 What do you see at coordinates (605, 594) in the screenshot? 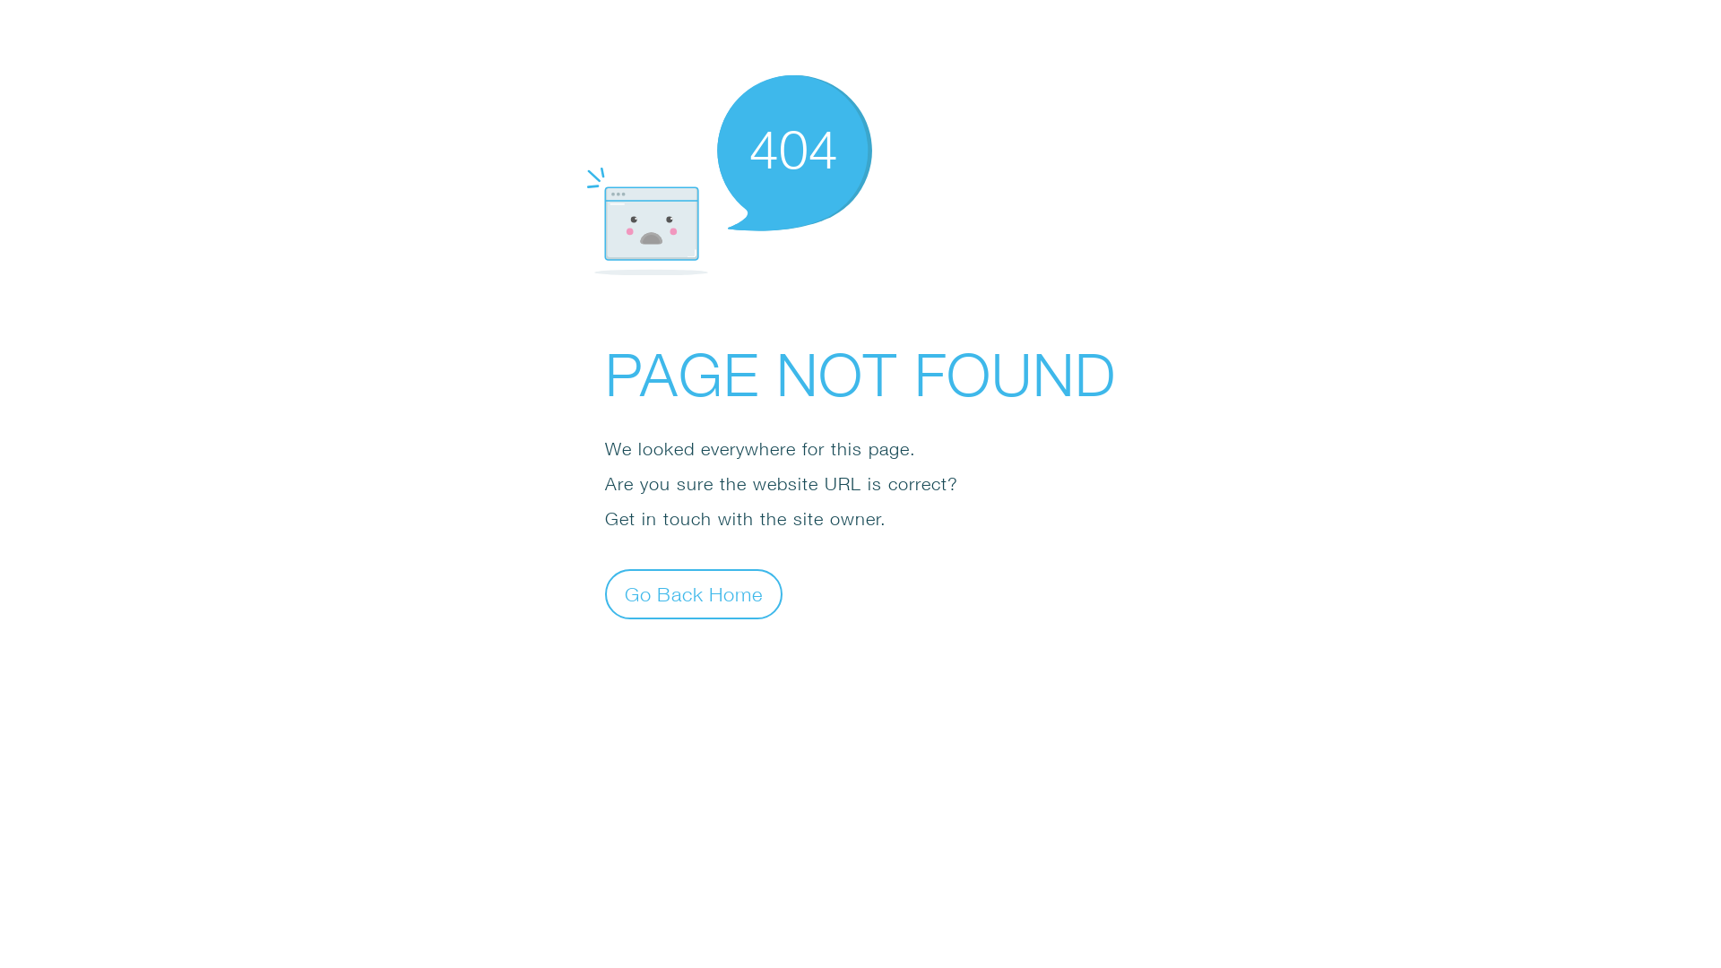
I see `'Go Back Home'` at bounding box center [605, 594].